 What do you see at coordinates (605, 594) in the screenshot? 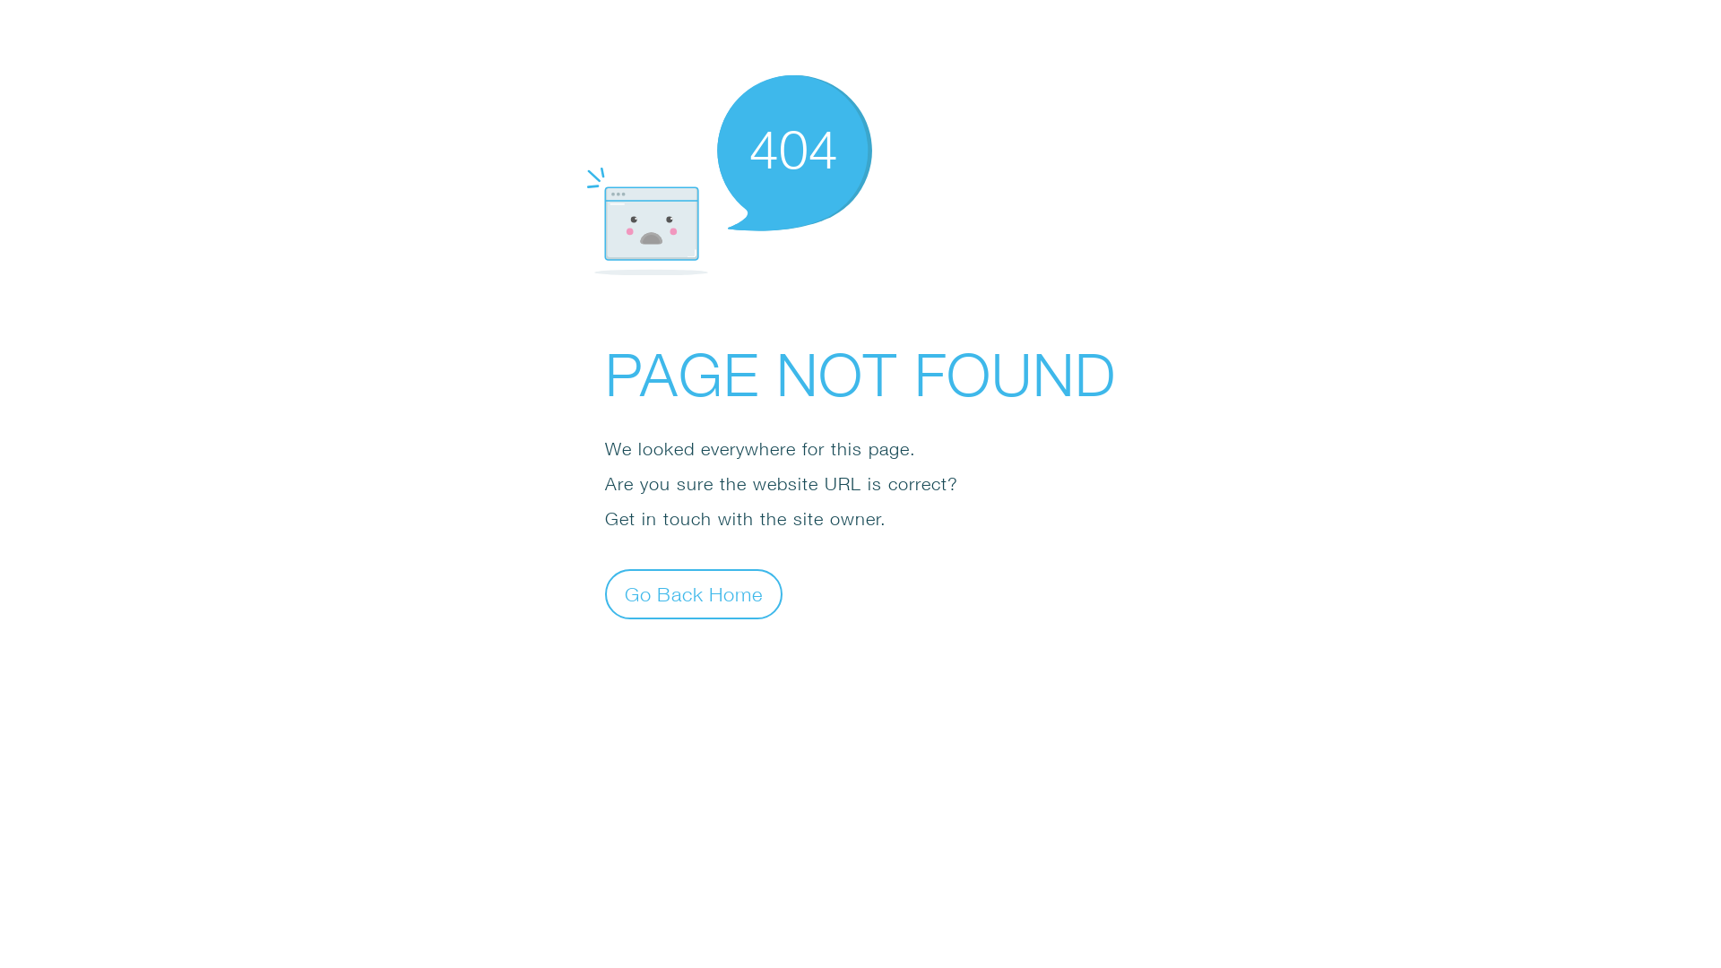
I see `'Go Back Home'` at bounding box center [605, 594].